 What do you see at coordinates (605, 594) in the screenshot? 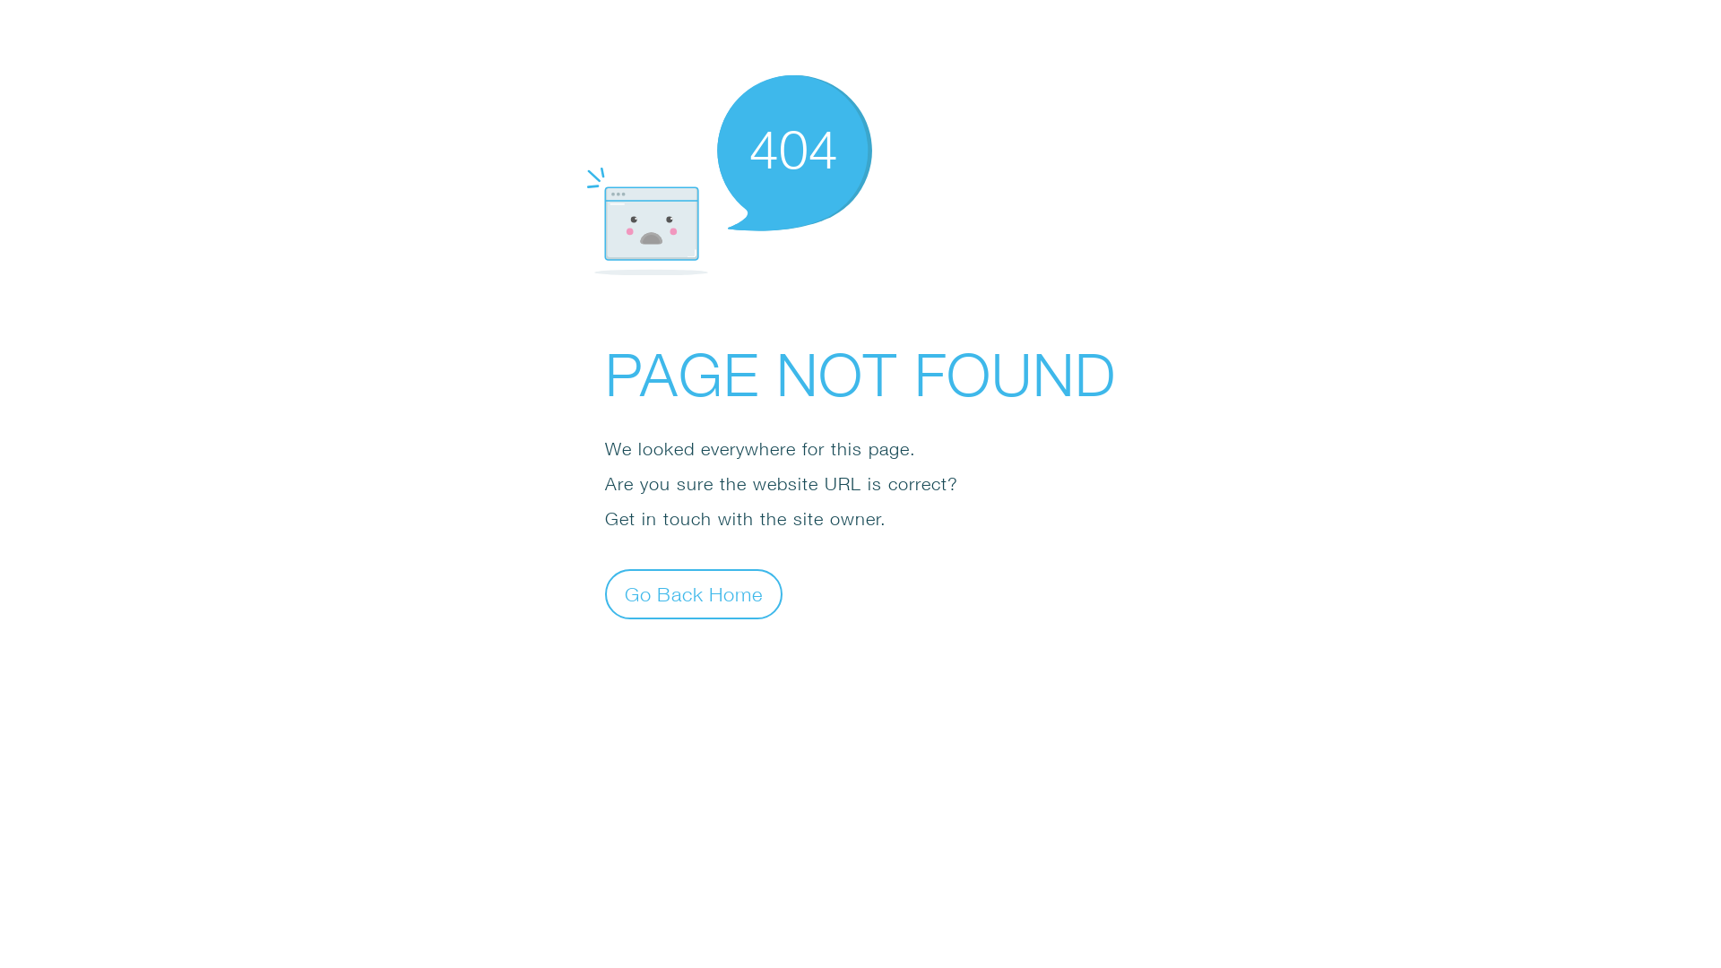
I see `'Go Back Home'` at bounding box center [605, 594].